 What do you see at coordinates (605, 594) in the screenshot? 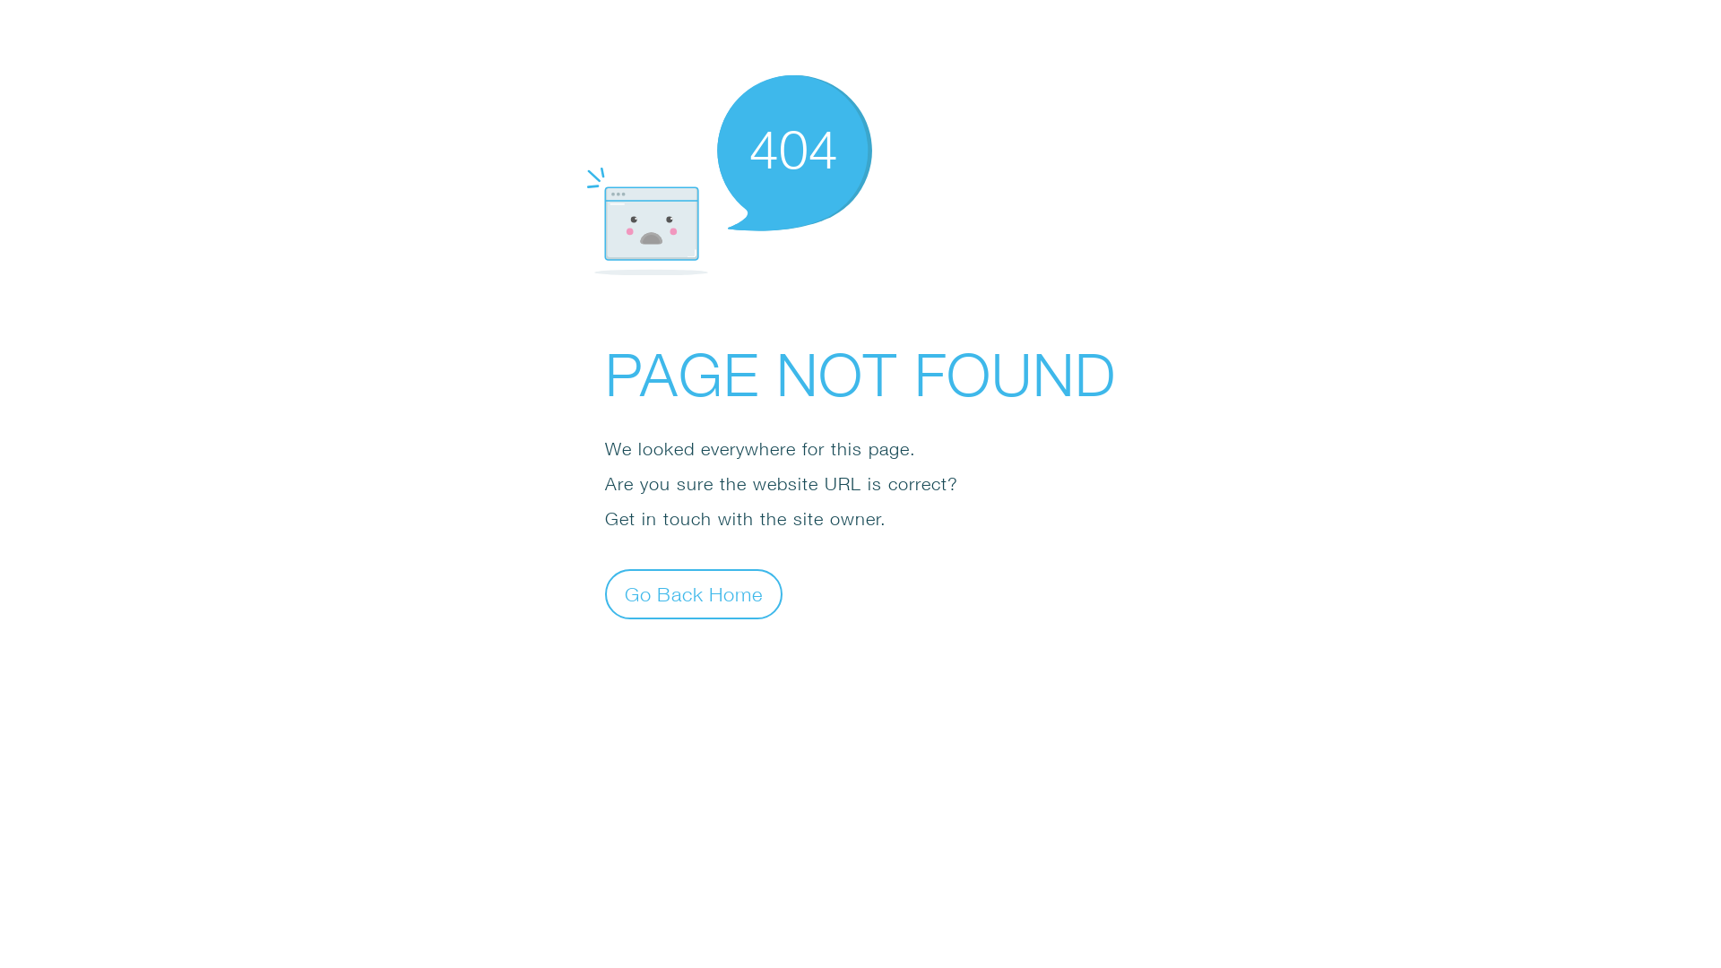
I see `'Go Back Home'` at bounding box center [605, 594].